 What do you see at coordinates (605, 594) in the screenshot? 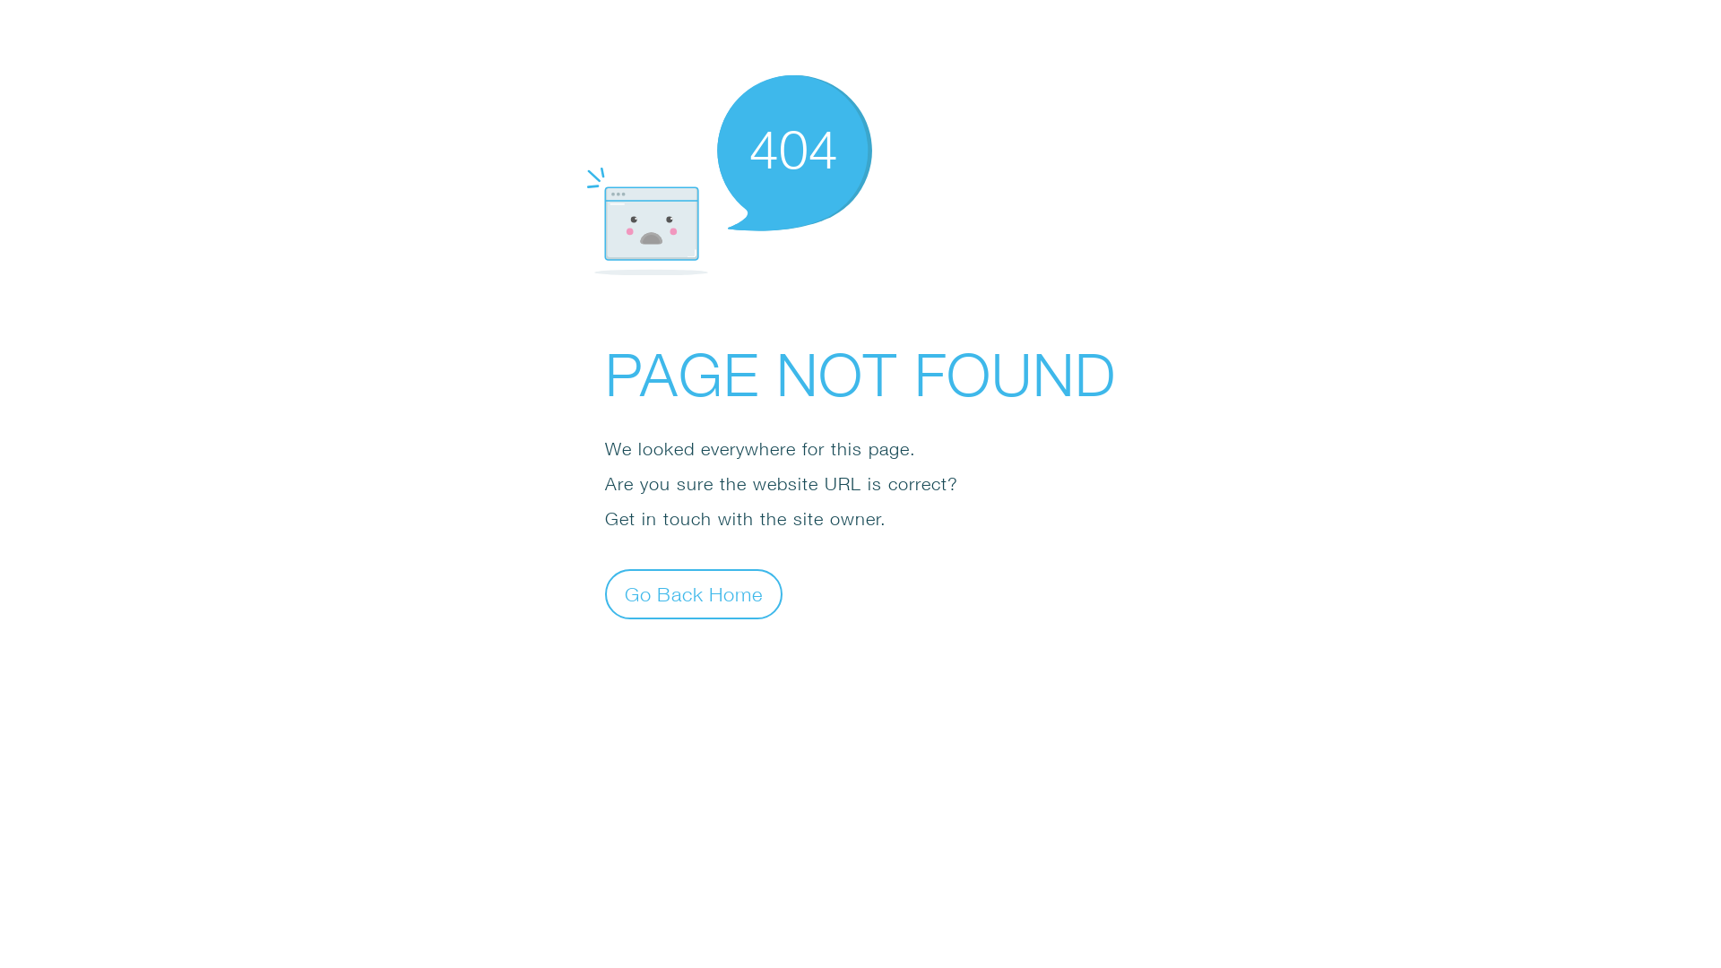
I see `'Go Back Home'` at bounding box center [605, 594].